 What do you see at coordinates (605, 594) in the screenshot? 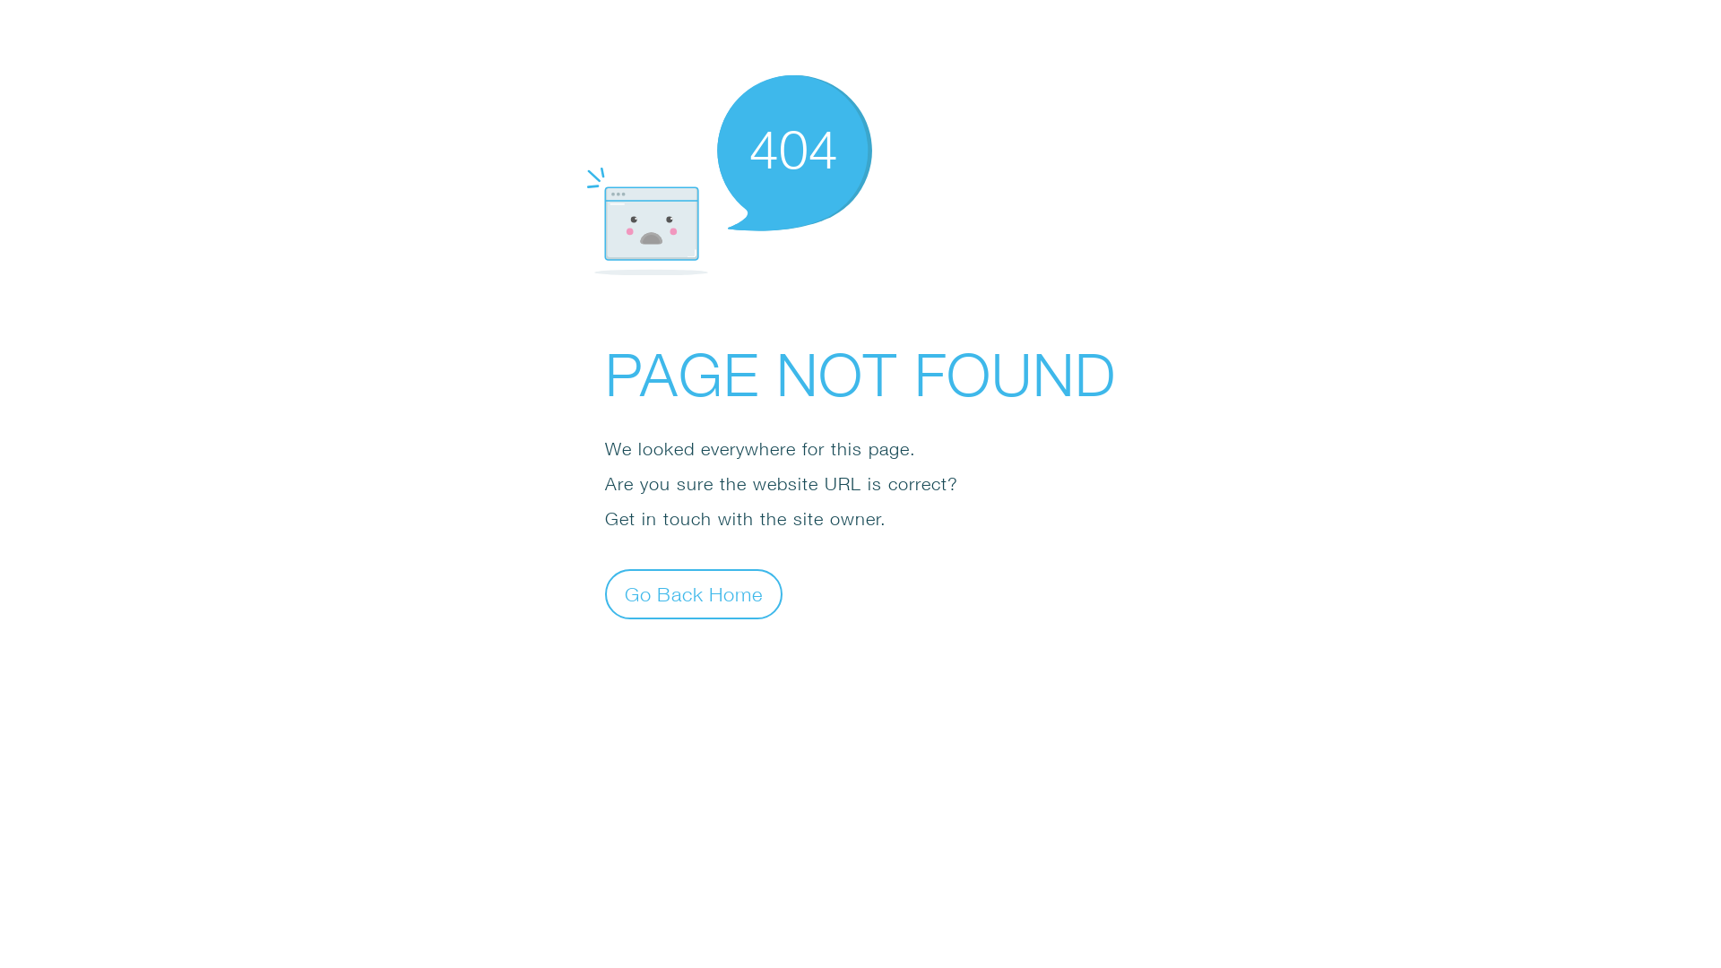
I see `'Go Back Home'` at bounding box center [605, 594].